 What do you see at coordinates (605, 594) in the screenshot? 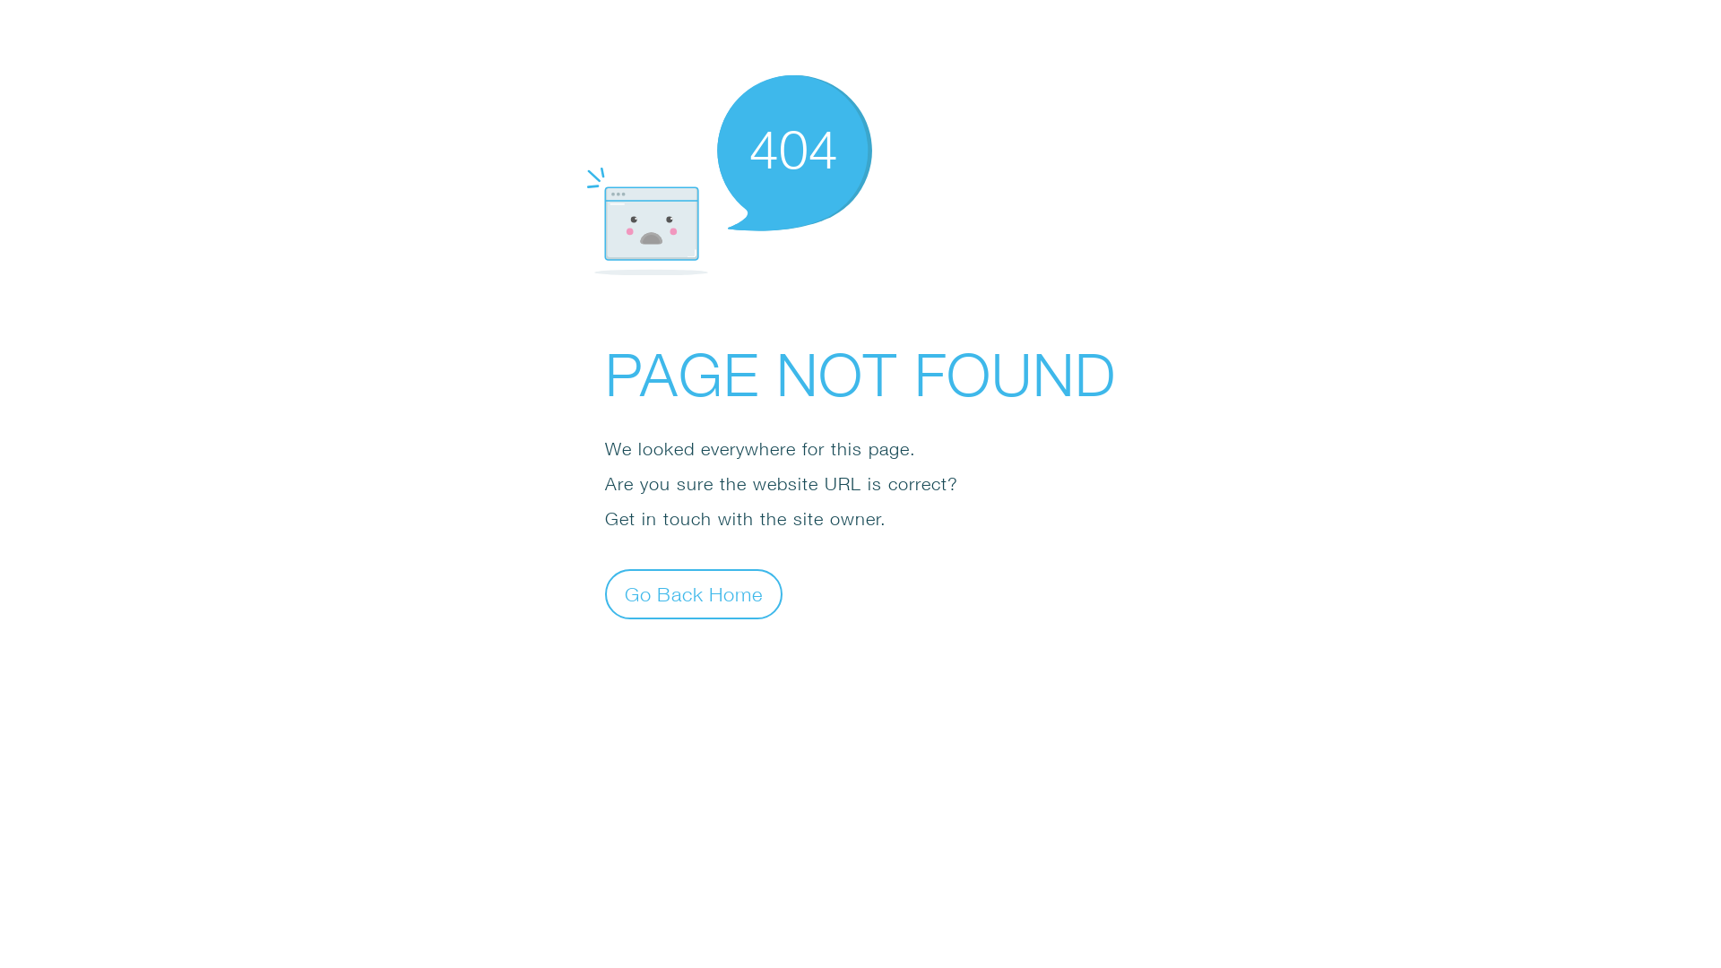
I see `'Go Back Home'` at bounding box center [605, 594].